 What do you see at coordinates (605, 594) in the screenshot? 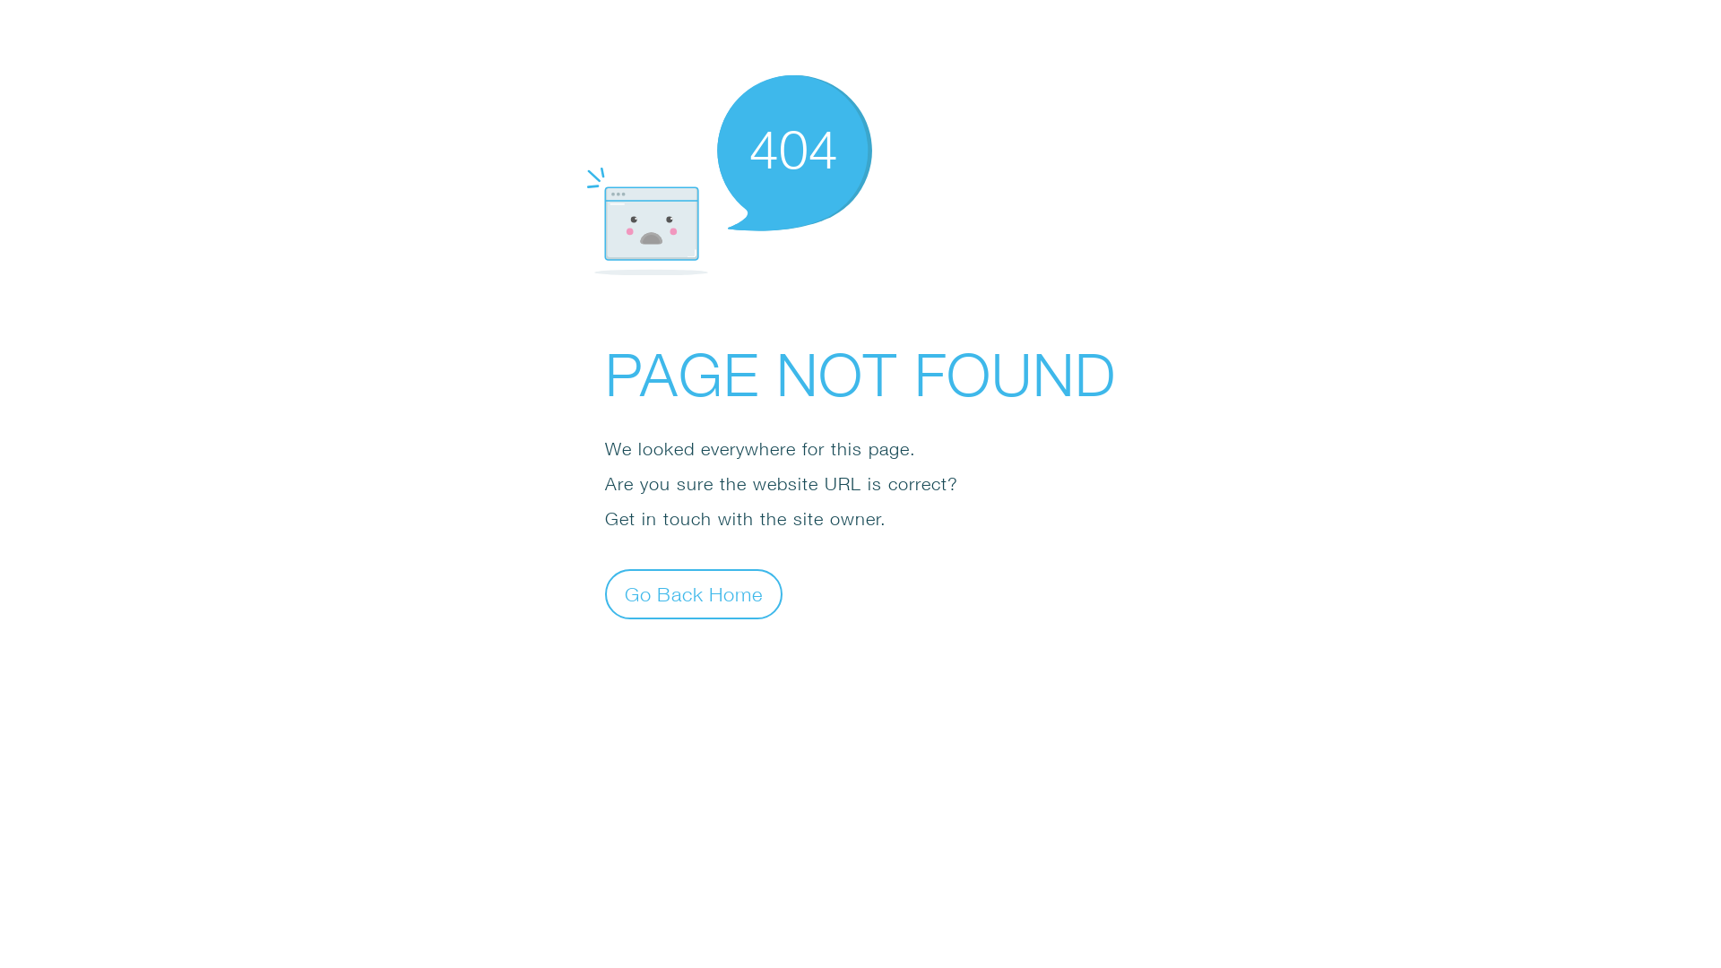
I see `'Go Back Home'` at bounding box center [605, 594].